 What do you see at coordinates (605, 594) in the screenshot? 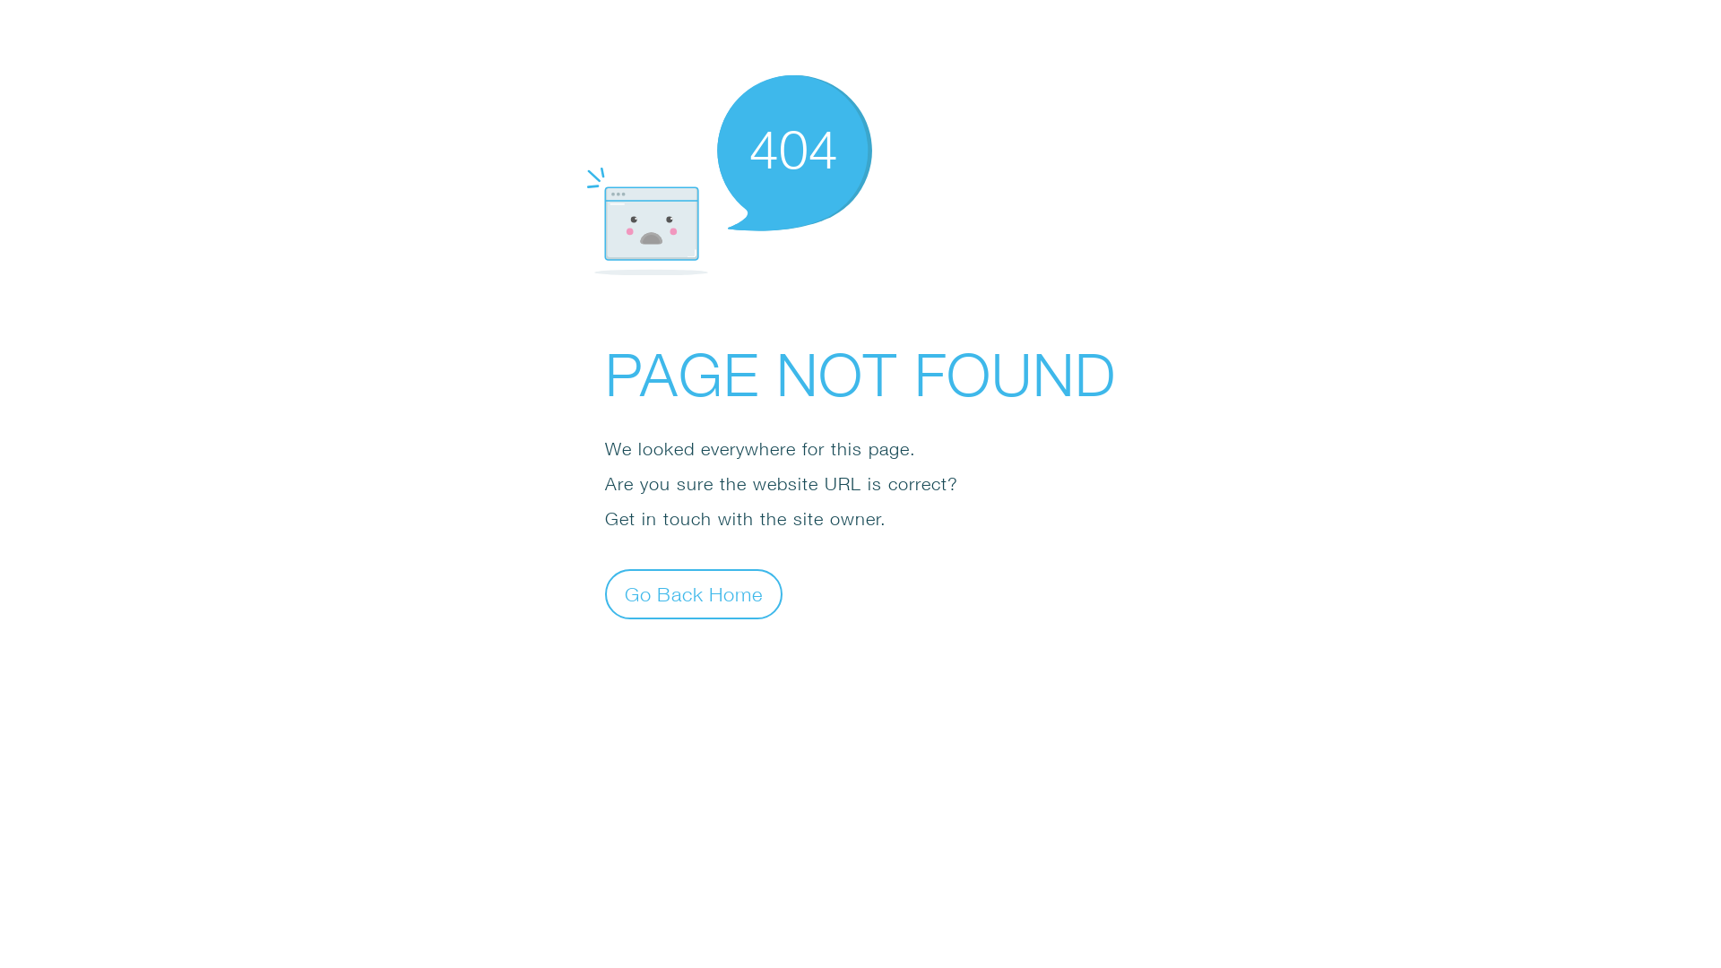
I see `'Go Back Home'` at bounding box center [605, 594].